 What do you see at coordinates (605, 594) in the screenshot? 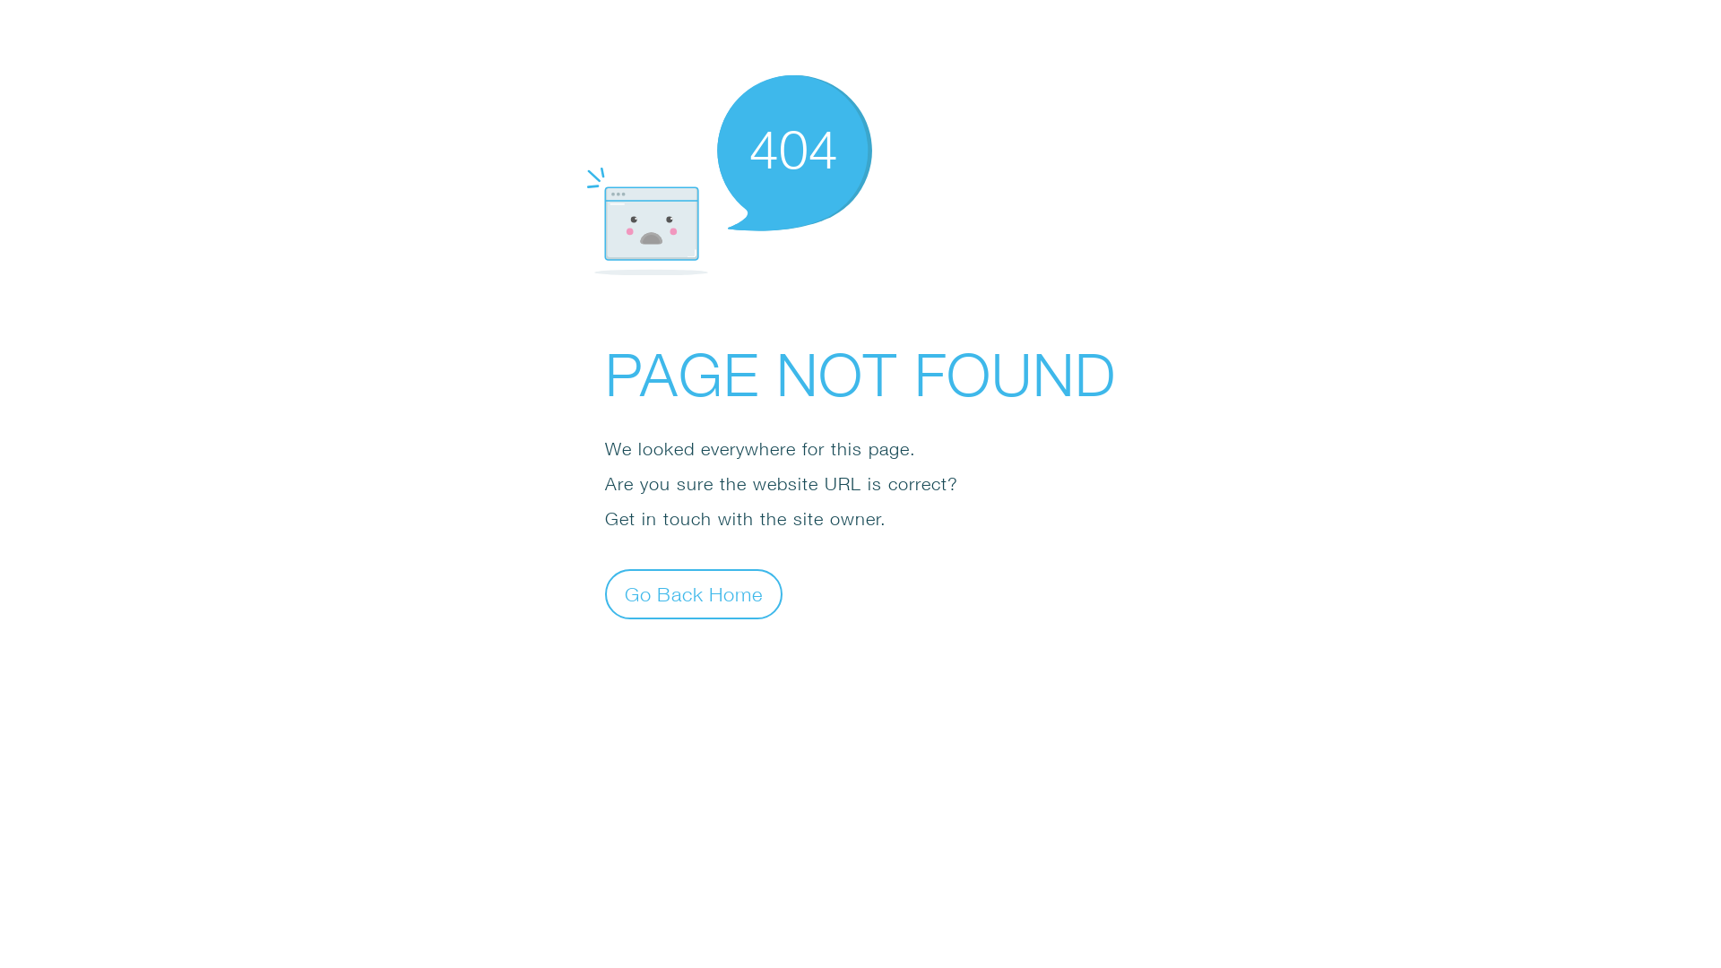
I see `'Go Back Home'` at bounding box center [605, 594].